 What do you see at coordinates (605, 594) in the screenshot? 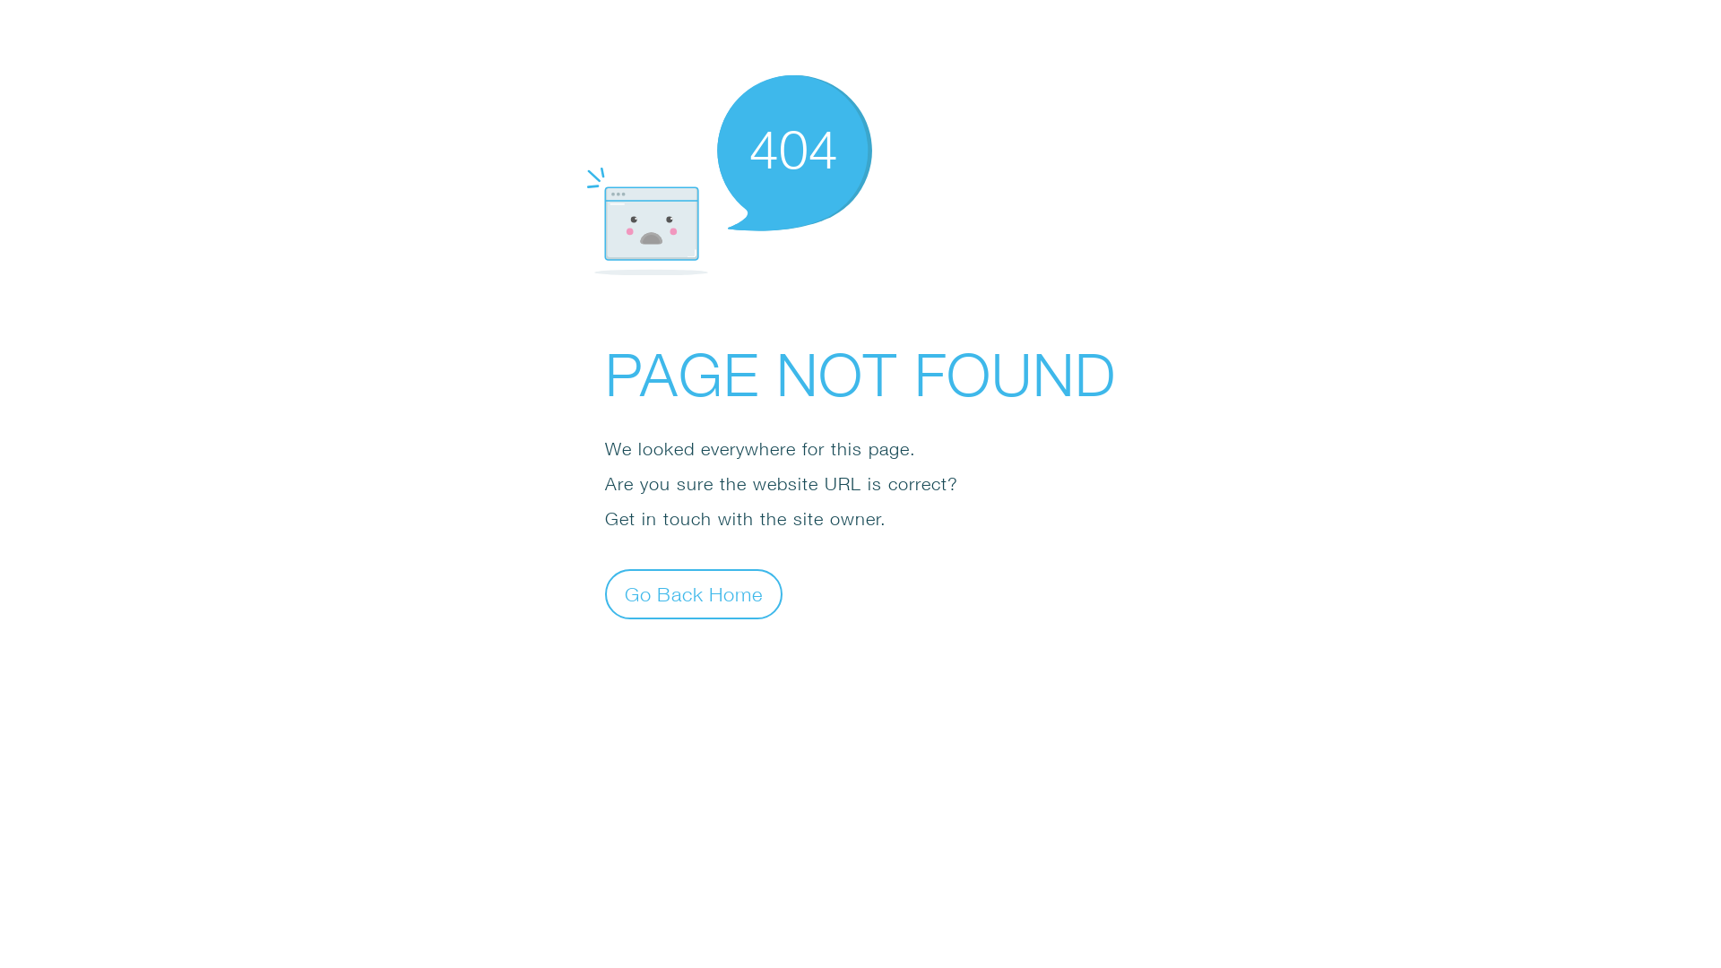
I see `'Go Back Home'` at bounding box center [605, 594].